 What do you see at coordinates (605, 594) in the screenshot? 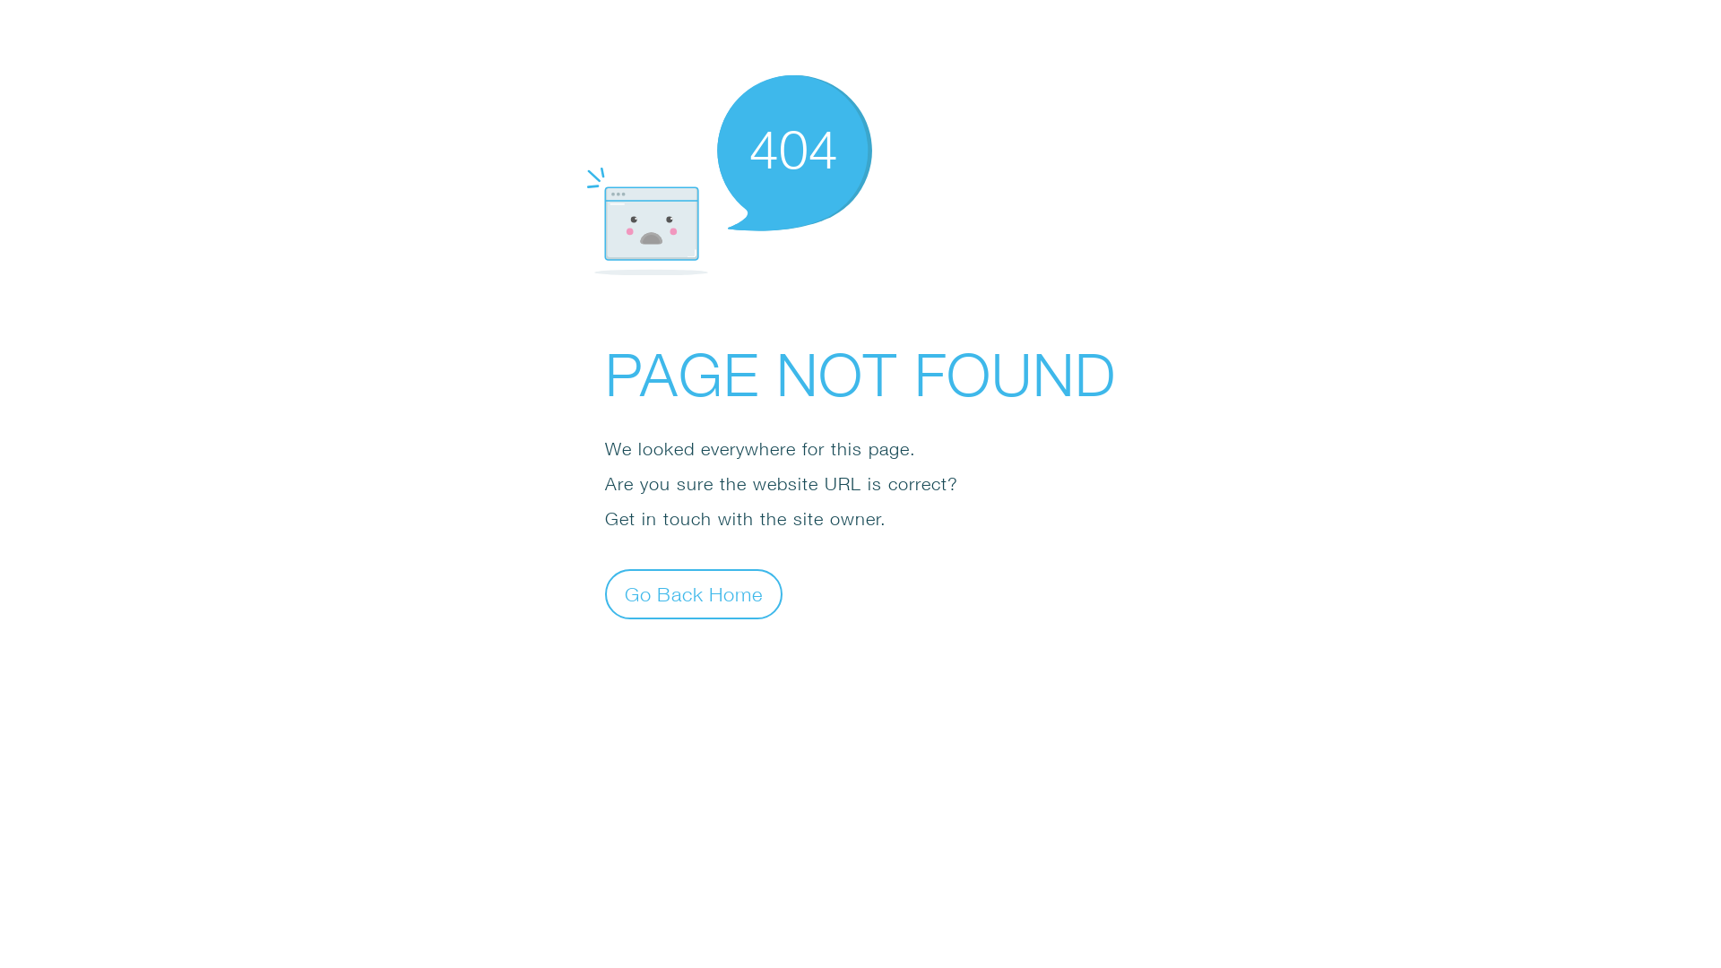
I see `'Go Back Home'` at bounding box center [605, 594].